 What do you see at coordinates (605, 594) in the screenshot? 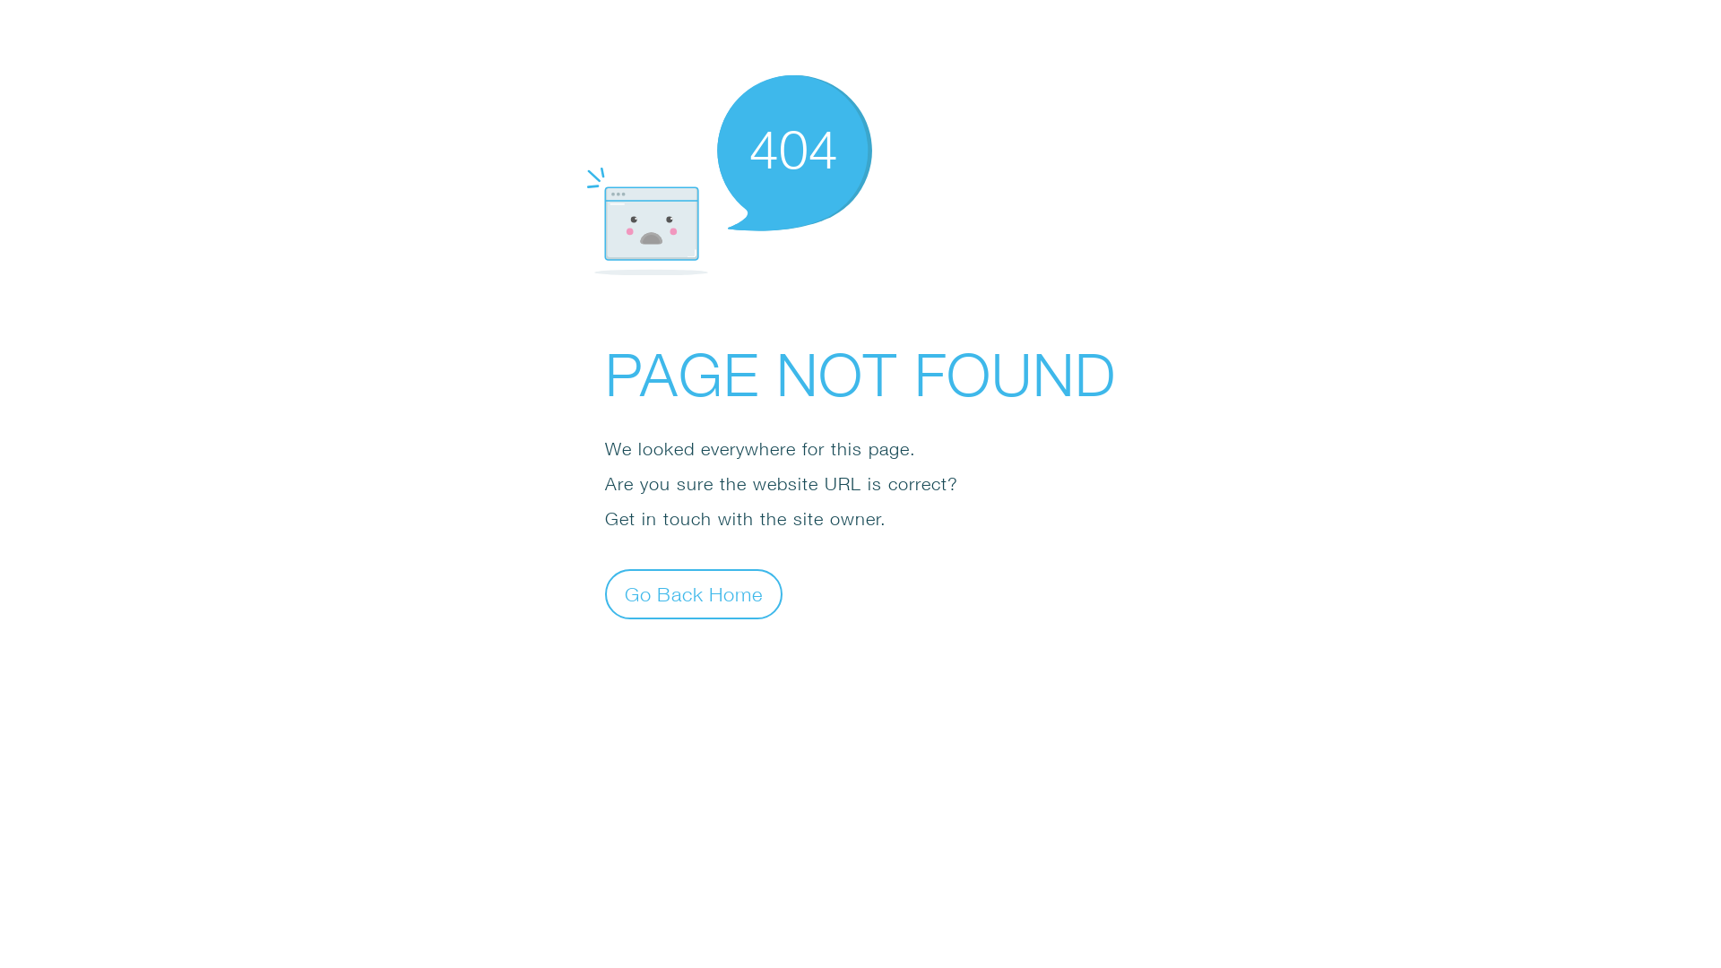
I see `'Go Back Home'` at bounding box center [605, 594].